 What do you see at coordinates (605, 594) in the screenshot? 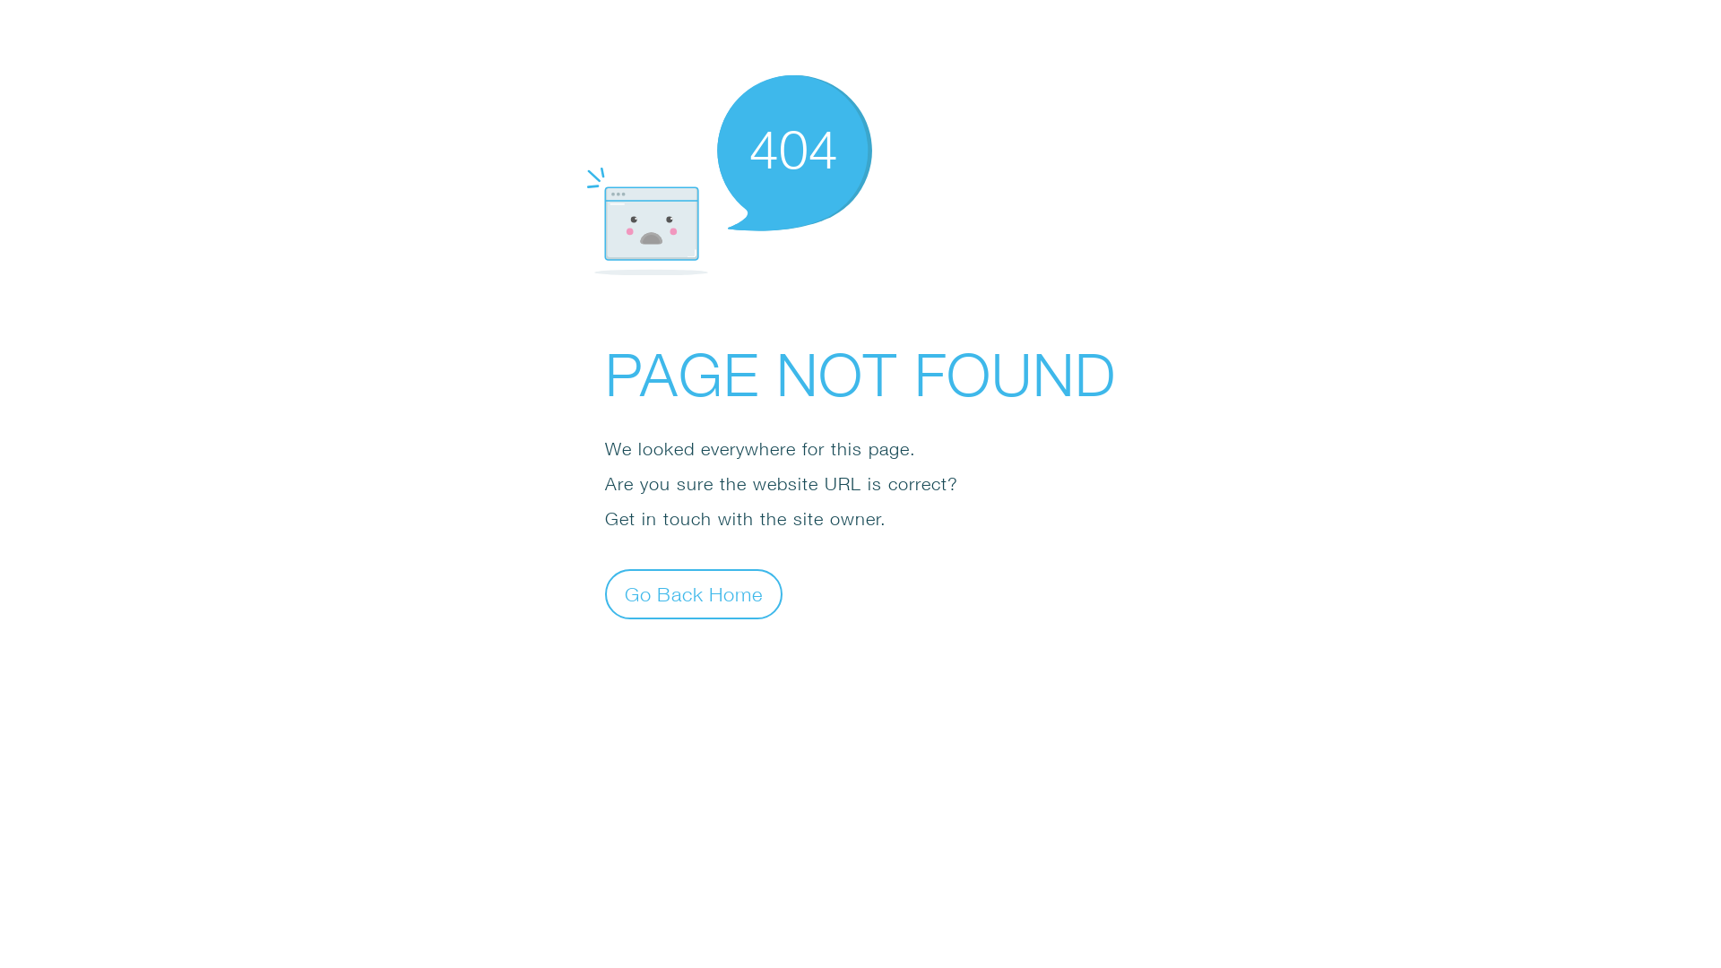
I see `'Go Back Home'` at bounding box center [605, 594].